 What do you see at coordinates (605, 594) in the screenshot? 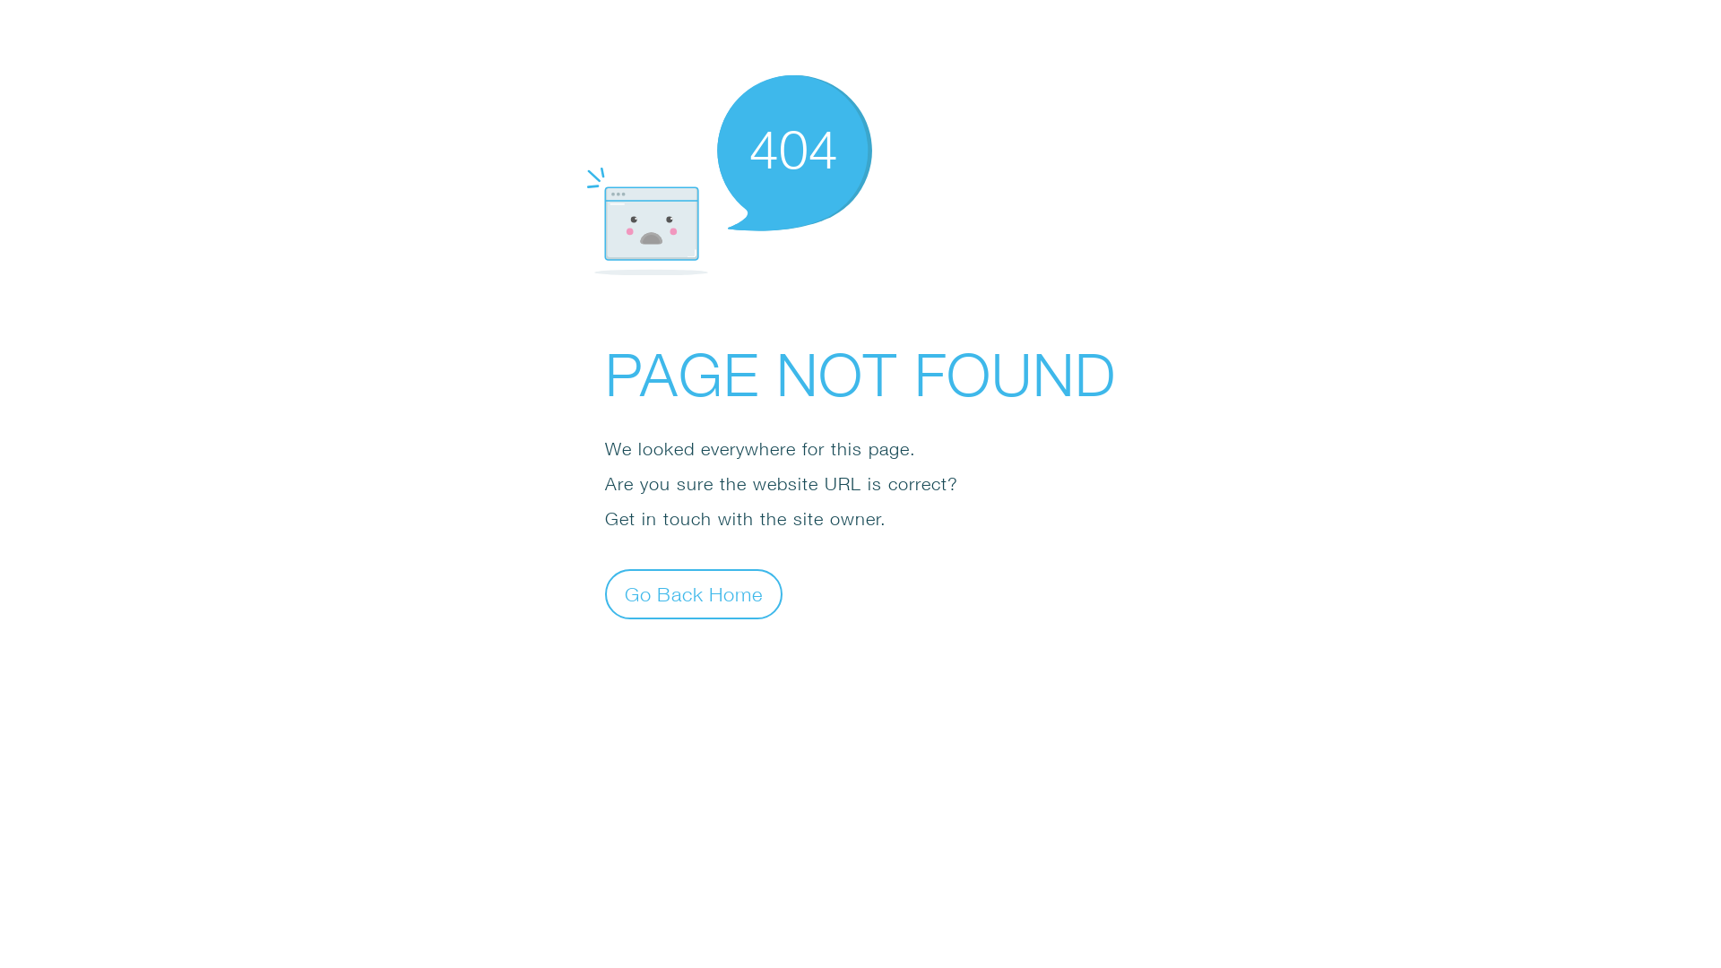
I see `'Go Back Home'` at bounding box center [605, 594].